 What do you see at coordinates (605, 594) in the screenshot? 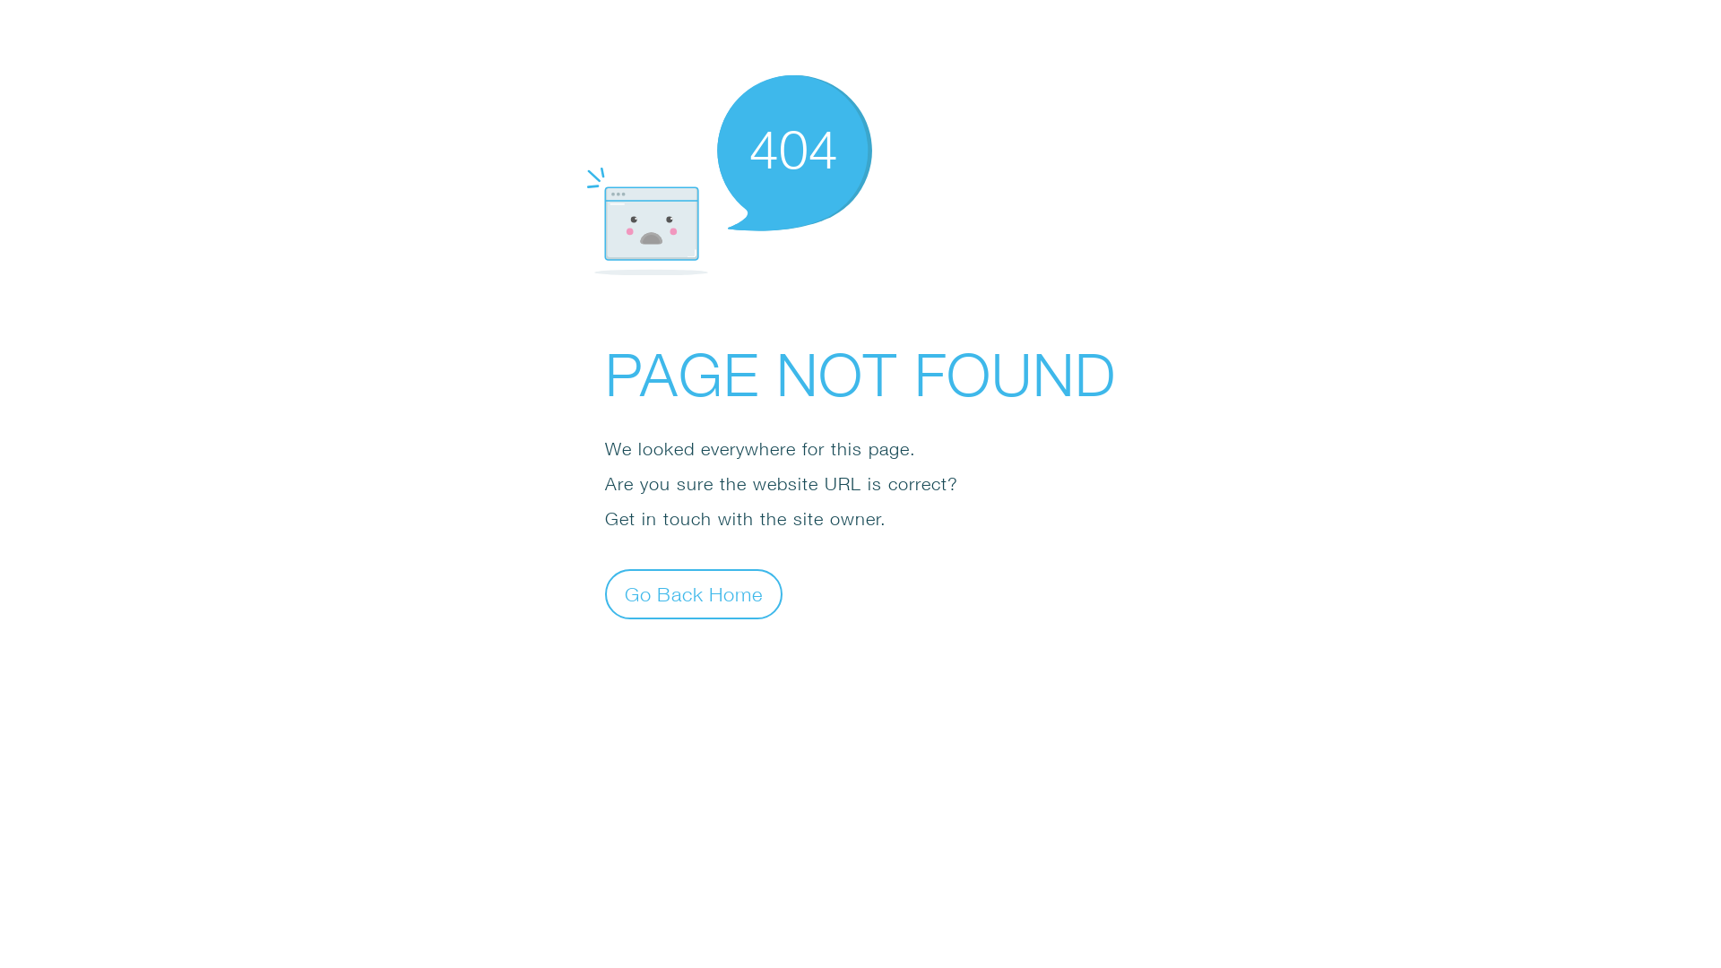
I see `'Go Back Home'` at bounding box center [605, 594].